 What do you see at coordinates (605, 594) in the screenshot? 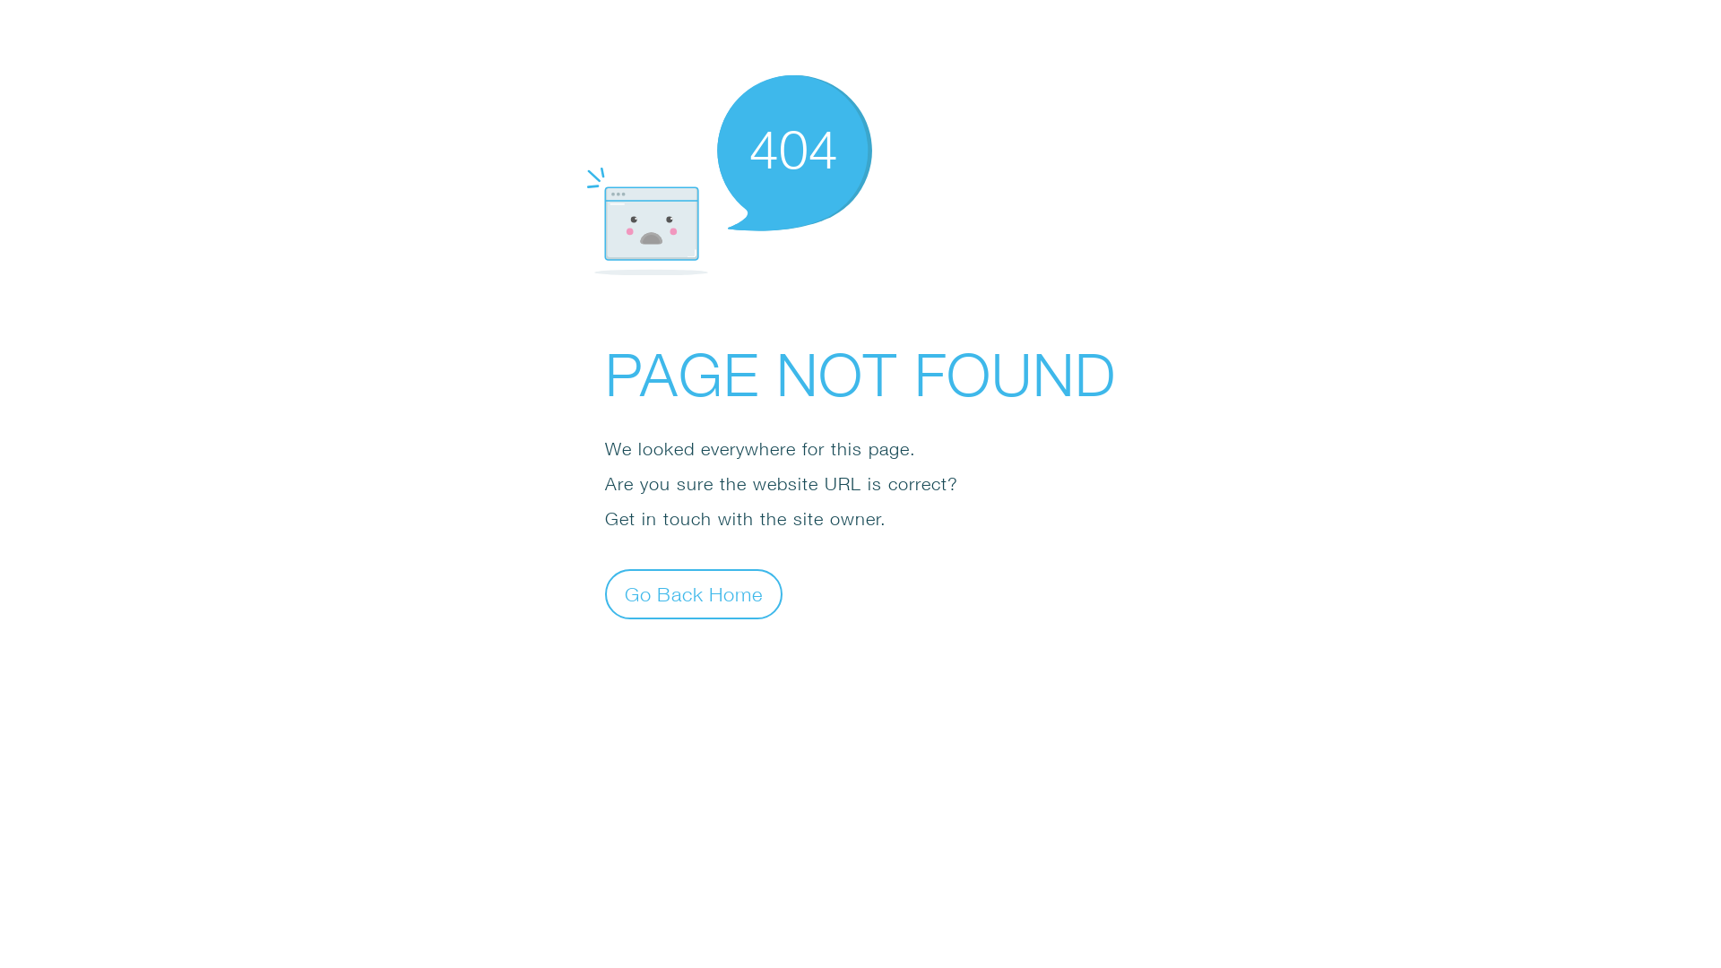
I see `'Go Back Home'` at bounding box center [605, 594].